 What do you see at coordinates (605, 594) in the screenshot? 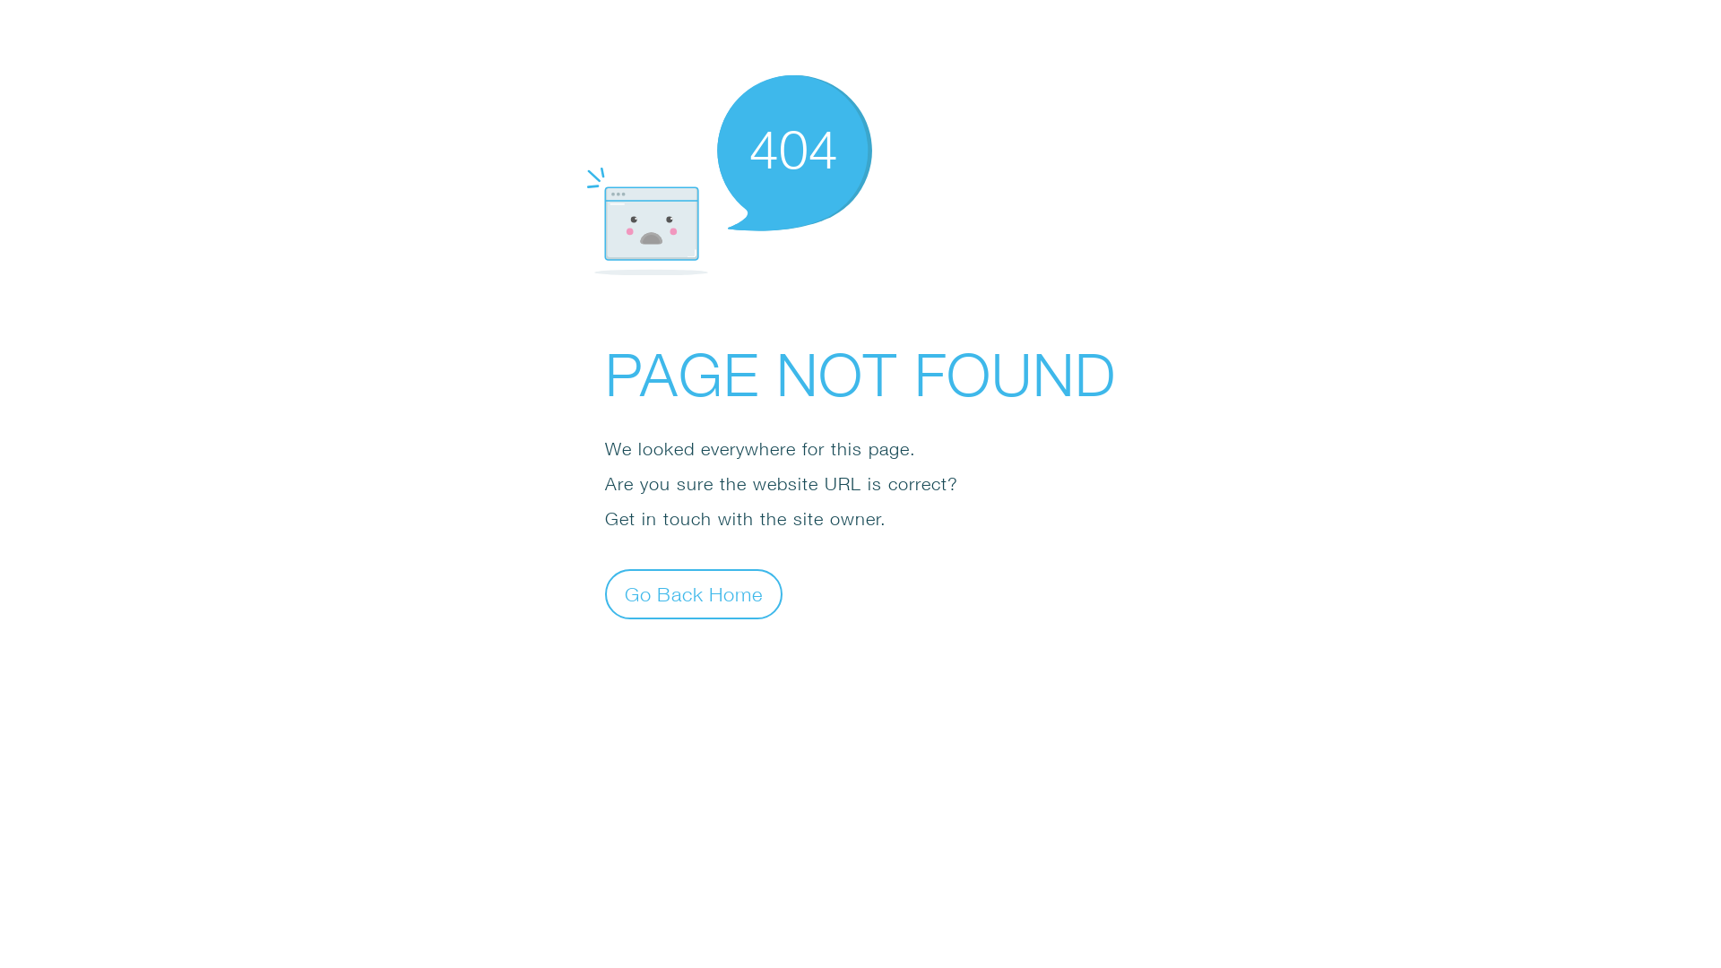
I see `'Go Back Home'` at bounding box center [605, 594].